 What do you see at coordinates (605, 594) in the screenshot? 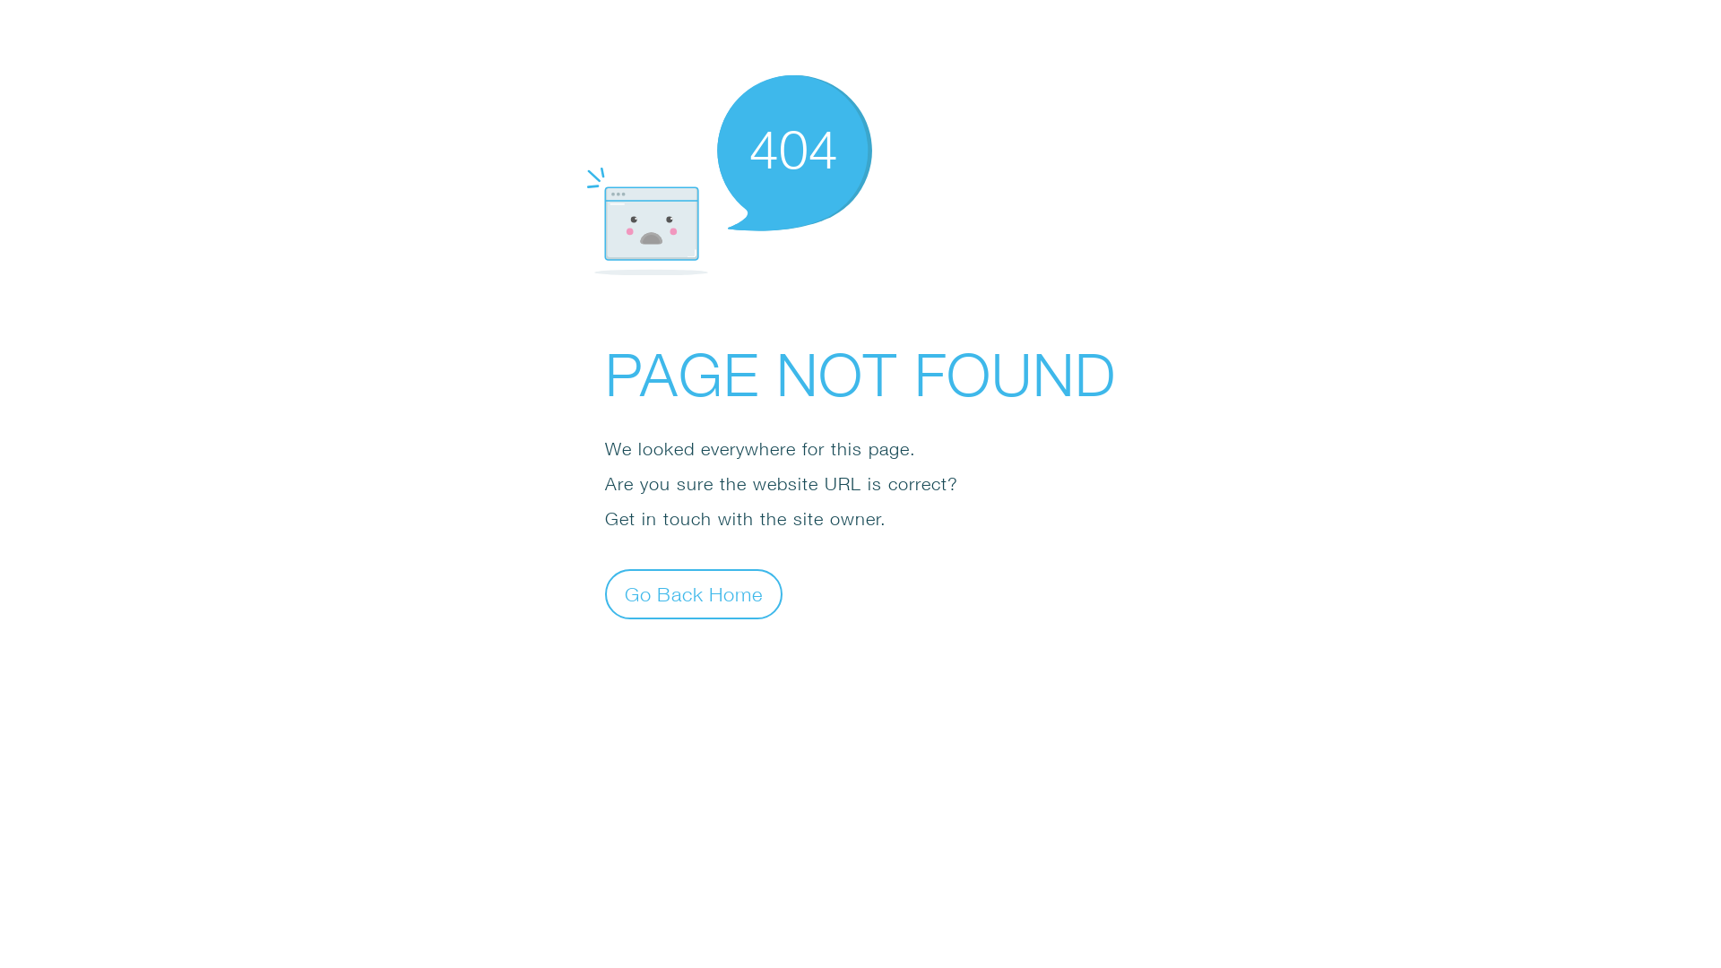
I see `'Go Back Home'` at bounding box center [605, 594].